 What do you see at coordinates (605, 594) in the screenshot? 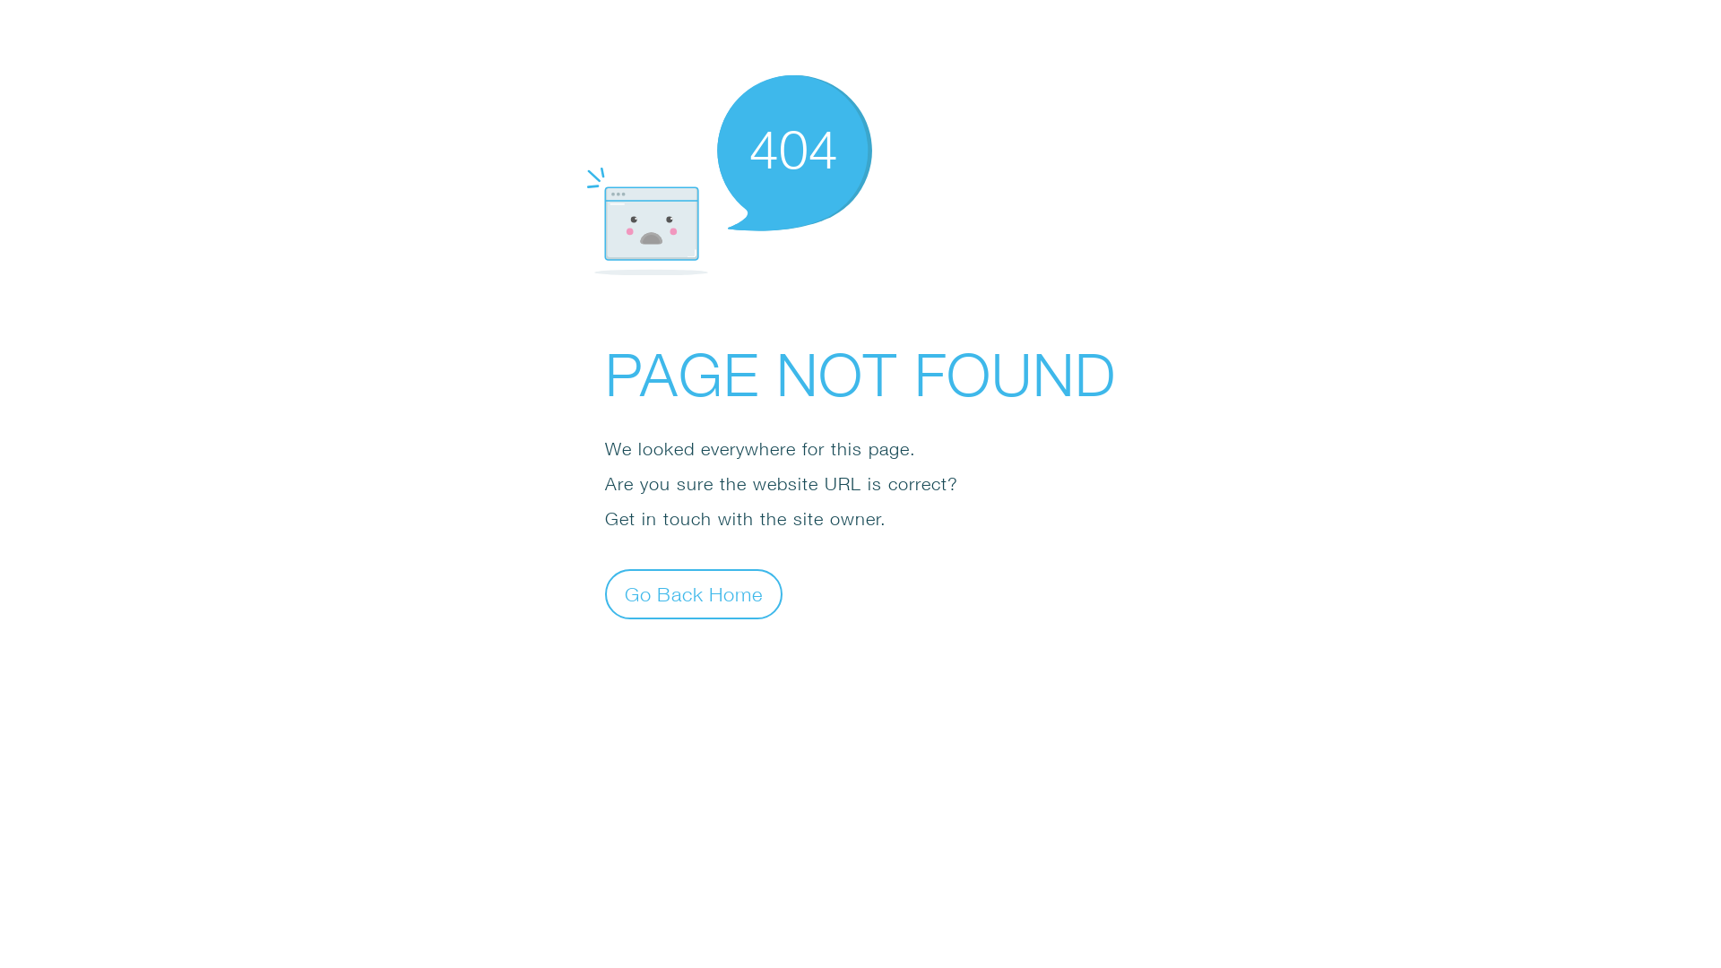
I see `'Go Back Home'` at bounding box center [605, 594].